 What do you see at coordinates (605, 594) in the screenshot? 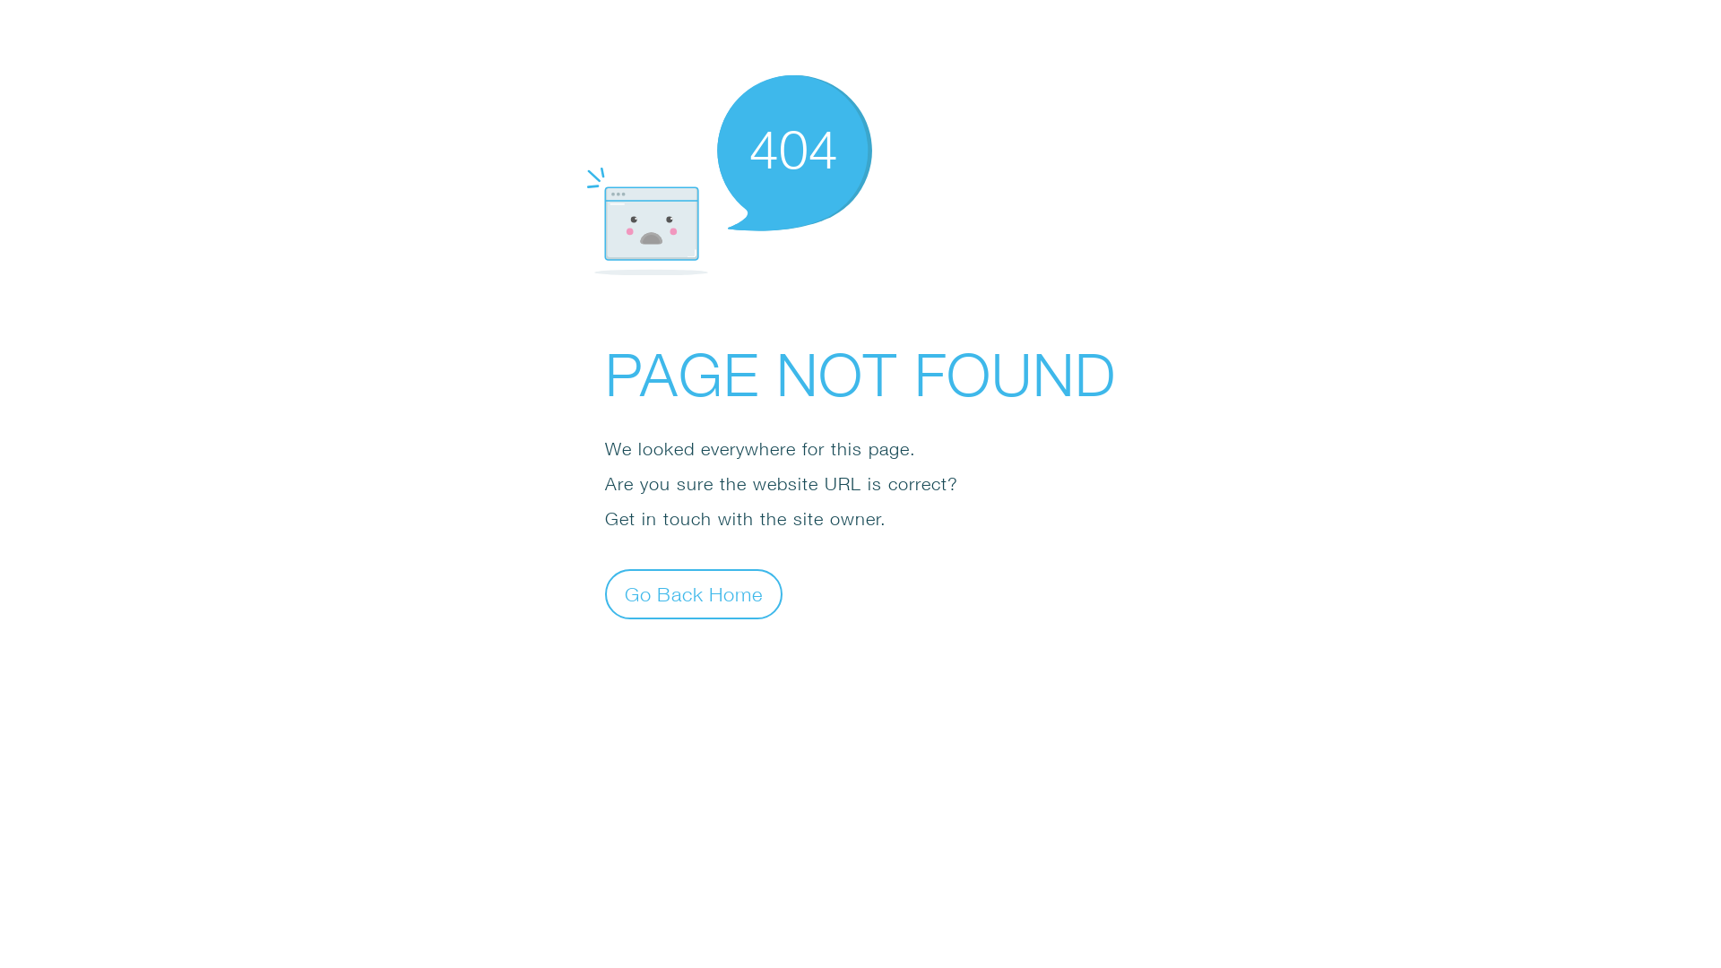
I see `'Go Back Home'` at bounding box center [605, 594].